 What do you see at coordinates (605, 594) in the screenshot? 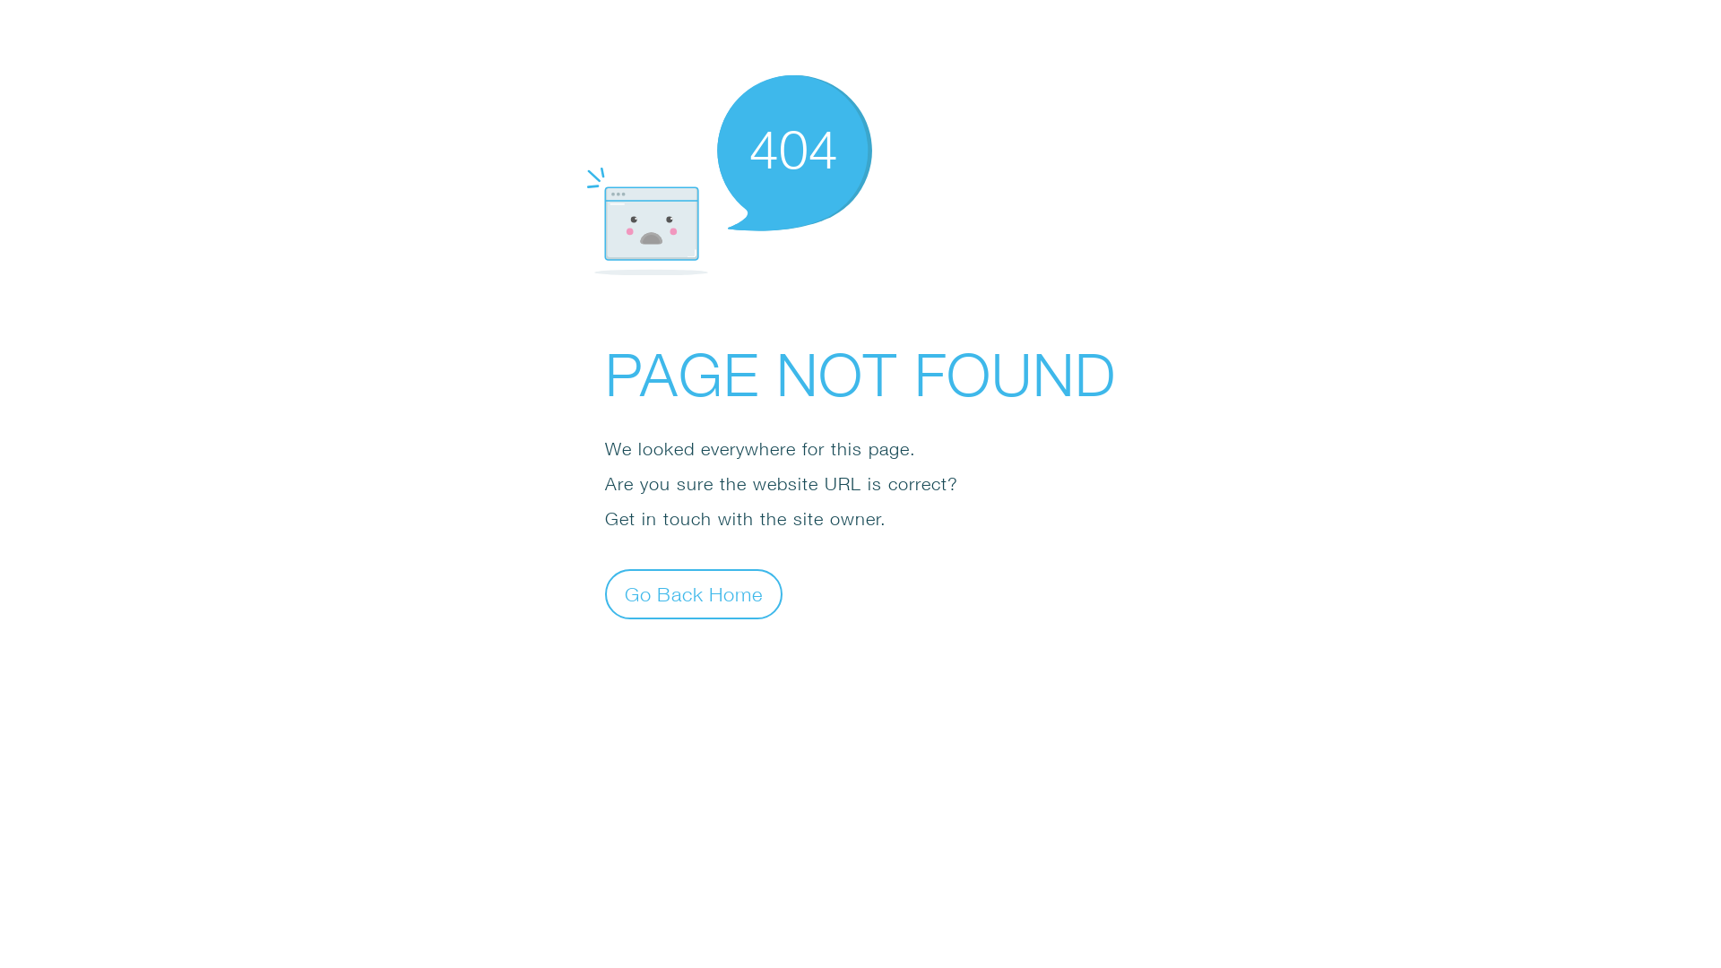
I see `'Go Back Home'` at bounding box center [605, 594].